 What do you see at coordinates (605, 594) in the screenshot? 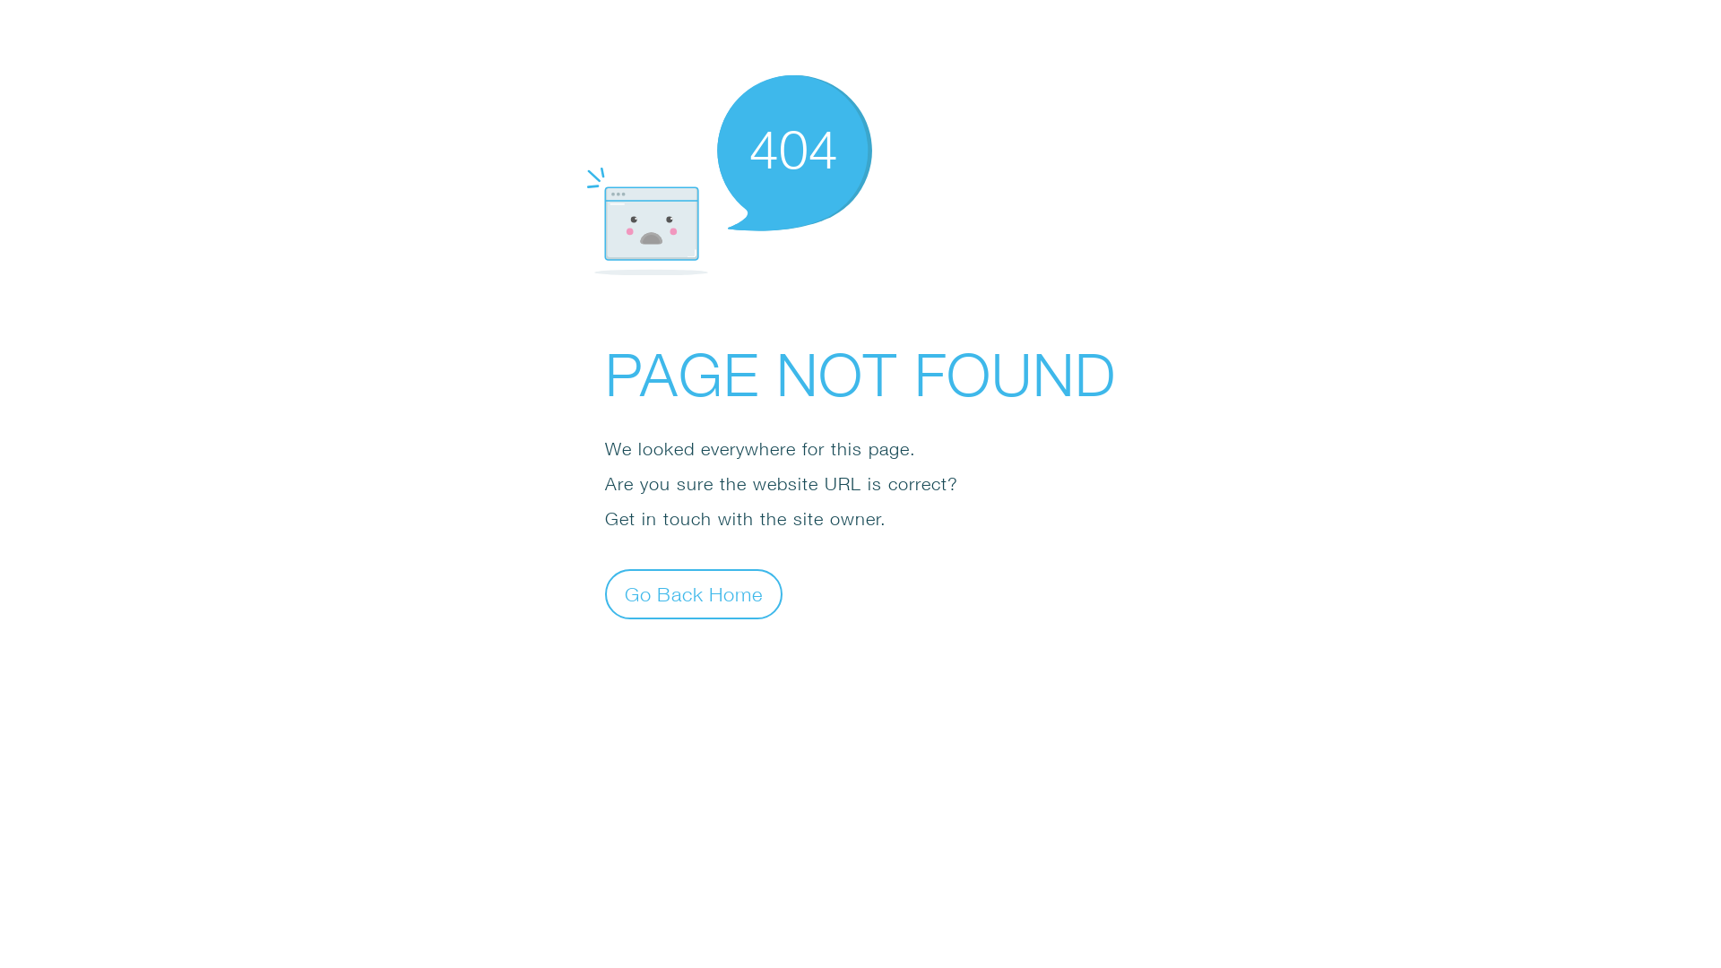
I see `'Go Back Home'` at bounding box center [605, 594].